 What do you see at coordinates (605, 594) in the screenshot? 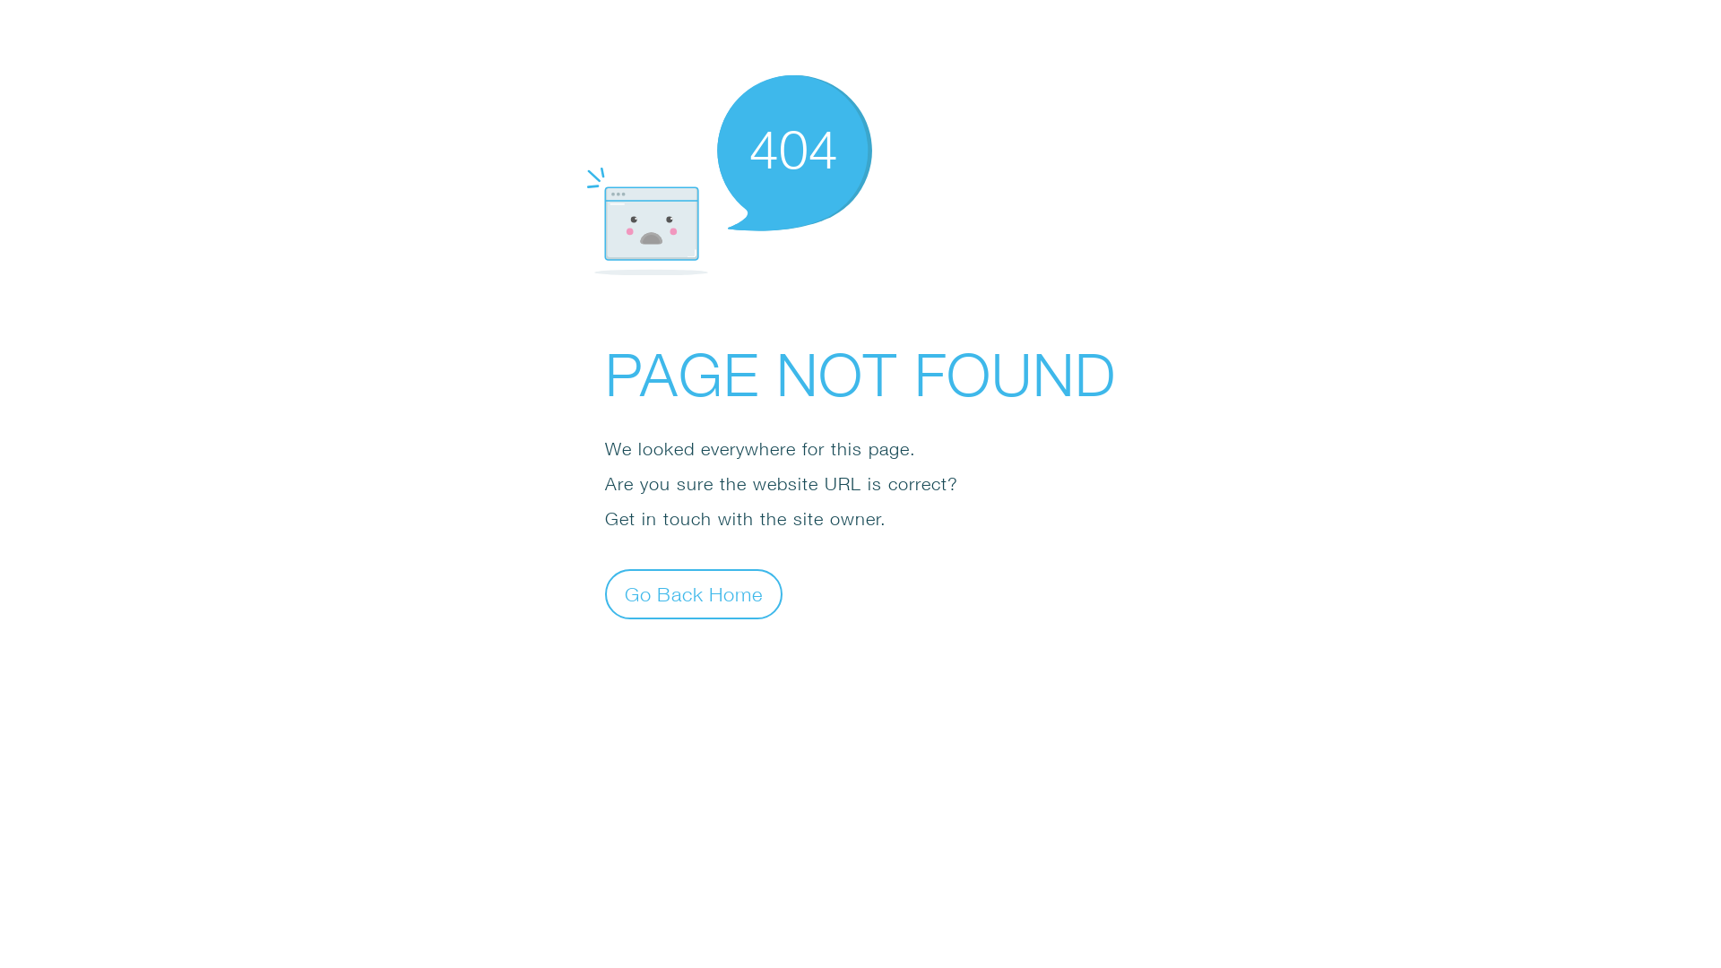
I see `'Go Back Home'` at bounding box center [605, 594].